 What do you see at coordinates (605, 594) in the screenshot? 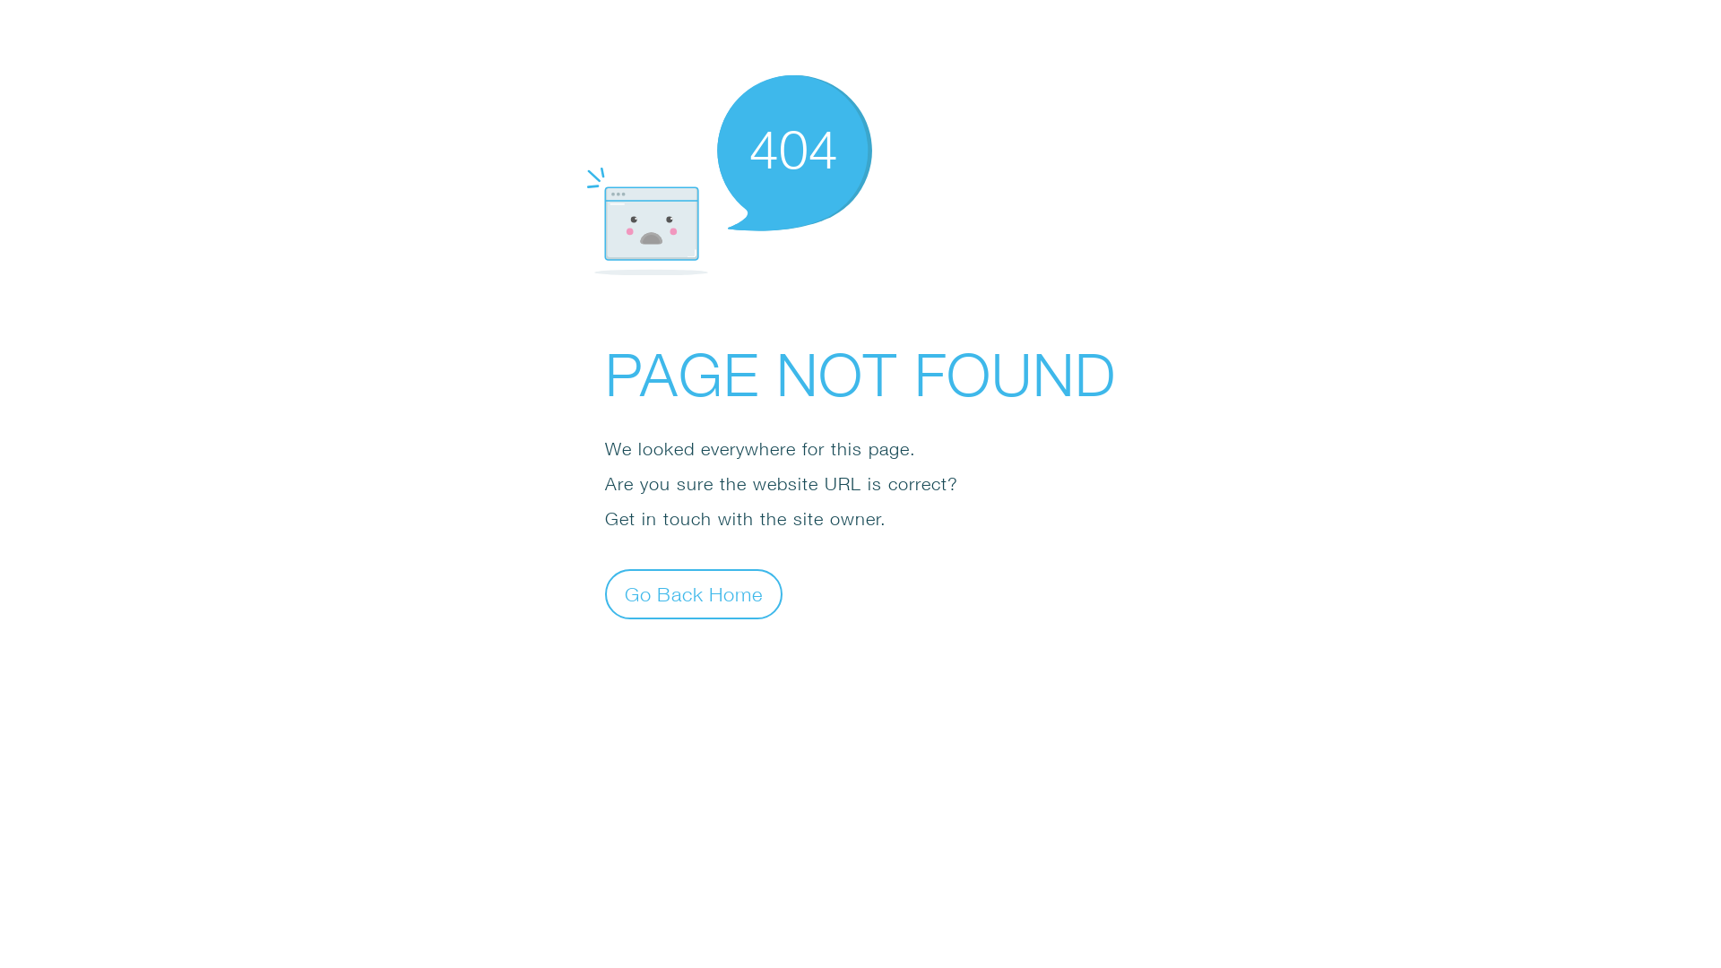
I see `'Go Back Home'` at bounding box center [605, 594].